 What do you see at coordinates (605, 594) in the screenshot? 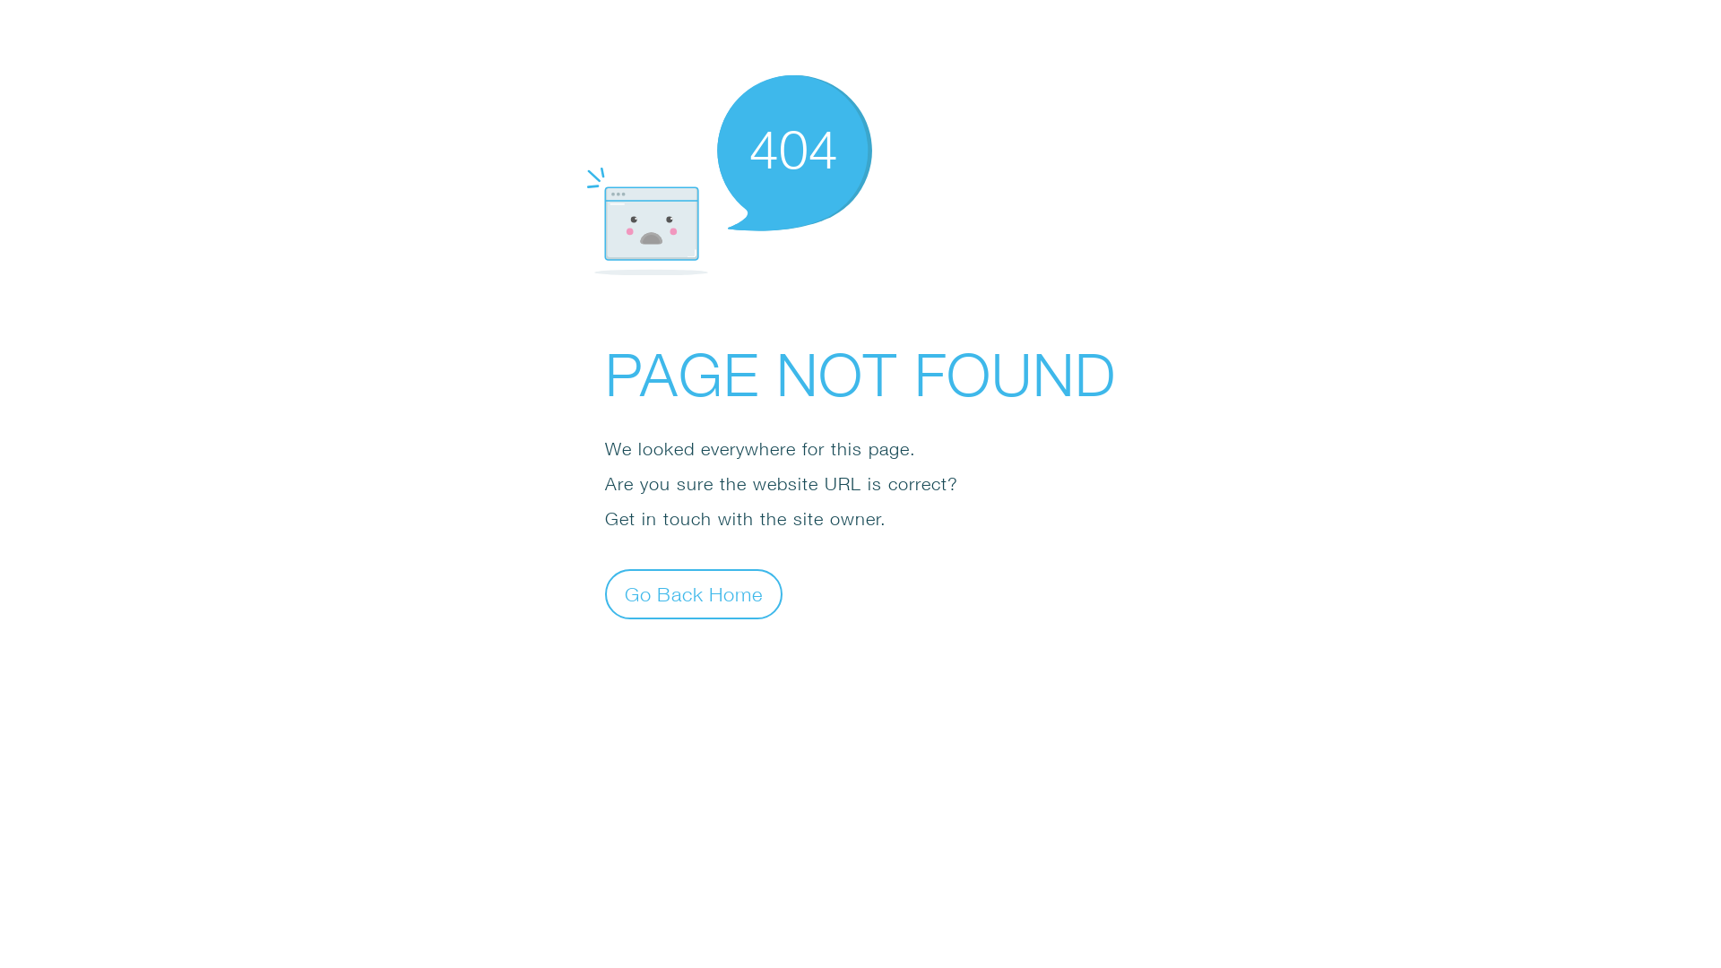
I see `'Go Back Home'` at bounding box center [605, 594].